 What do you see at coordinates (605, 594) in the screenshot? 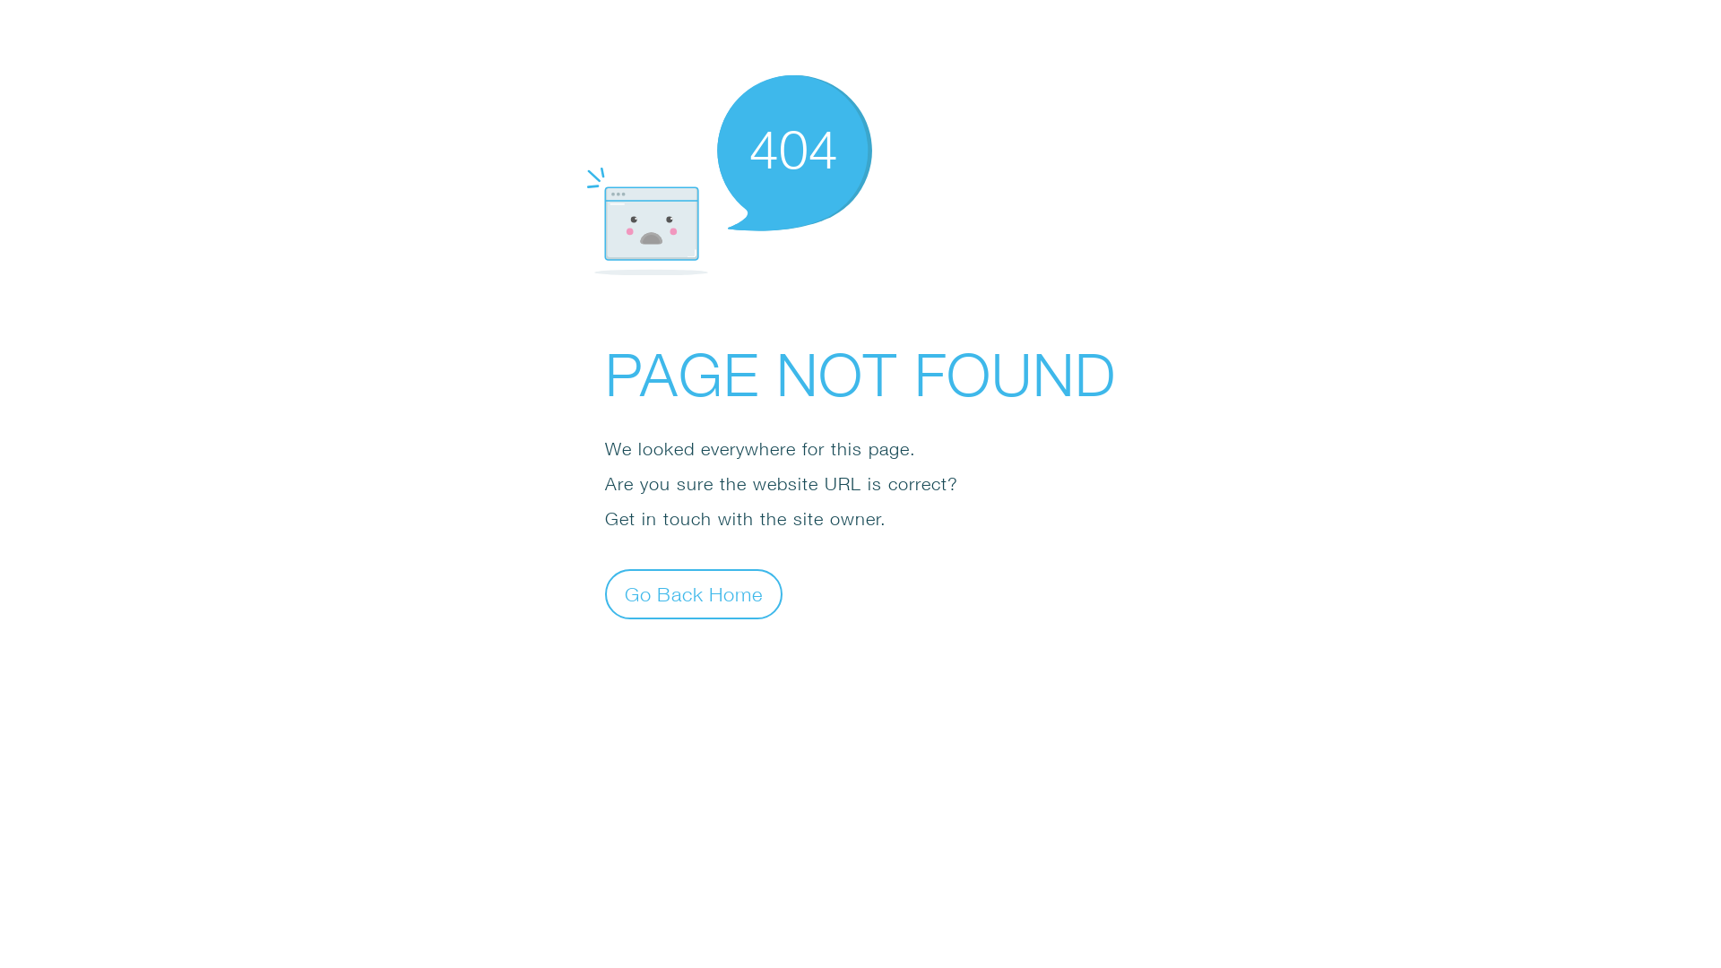
I see `'Go Back Home'` at bounding box center [605, 594].